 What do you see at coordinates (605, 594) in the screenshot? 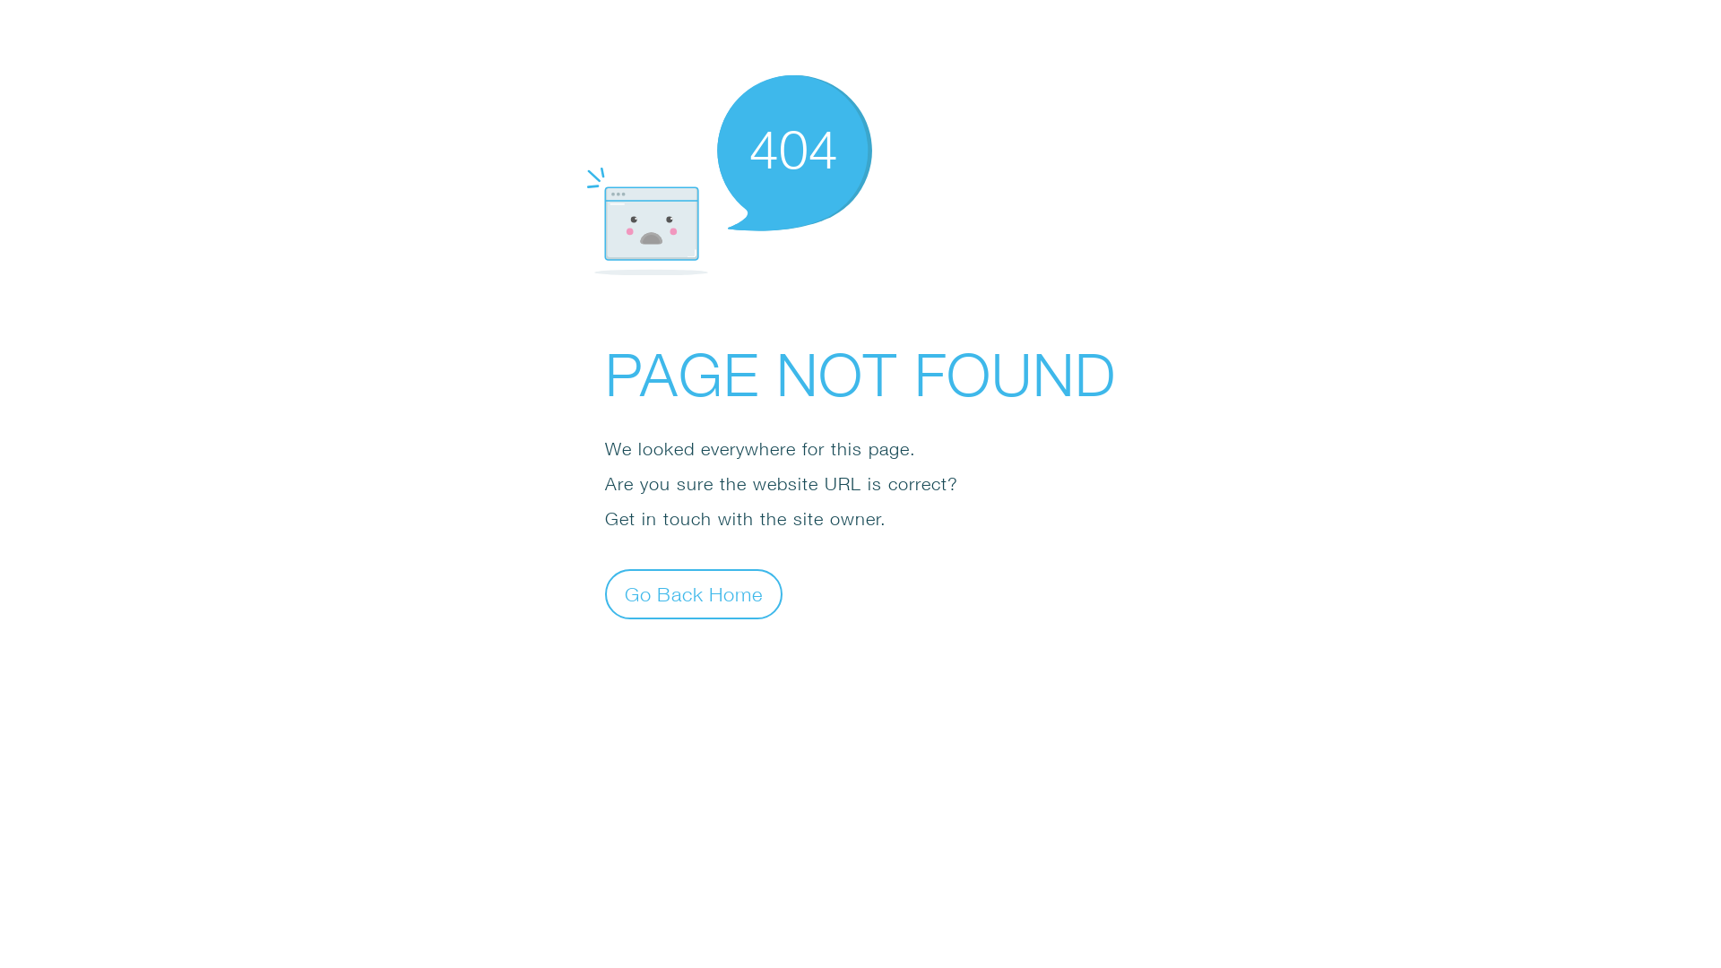
I see `'Go Back Home'` at bounding box center [605, 594].